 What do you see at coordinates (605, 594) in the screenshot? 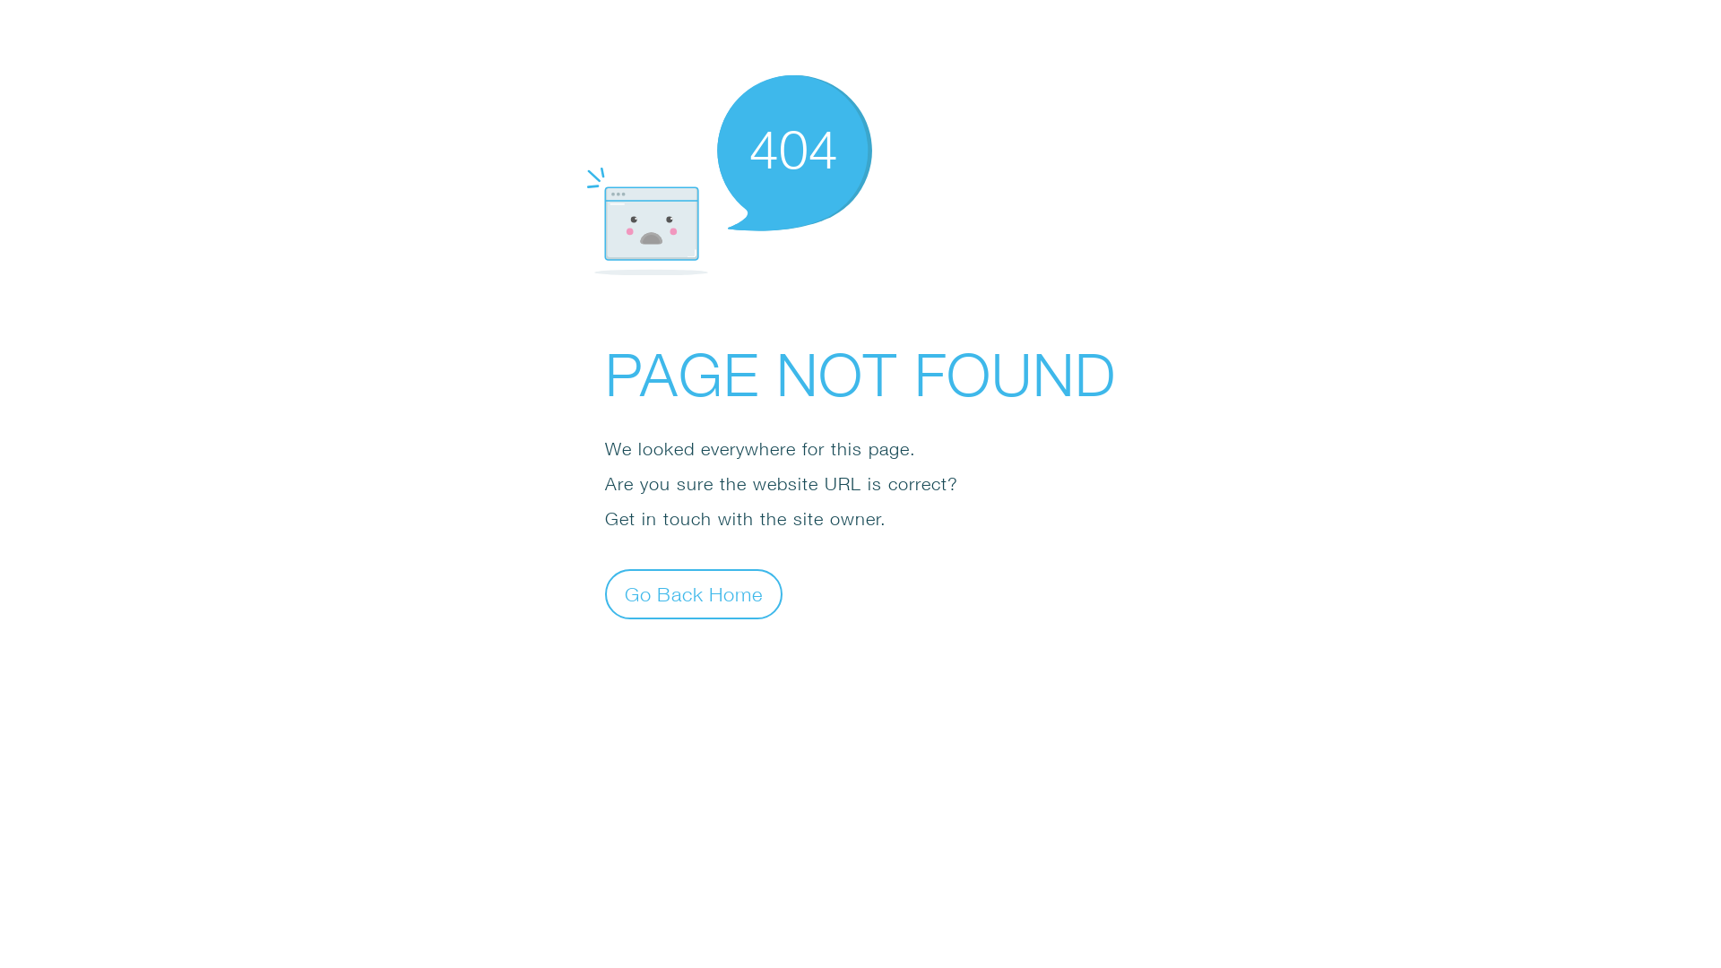
I see `'Go Back Home'` at bounding box center [605, 594].